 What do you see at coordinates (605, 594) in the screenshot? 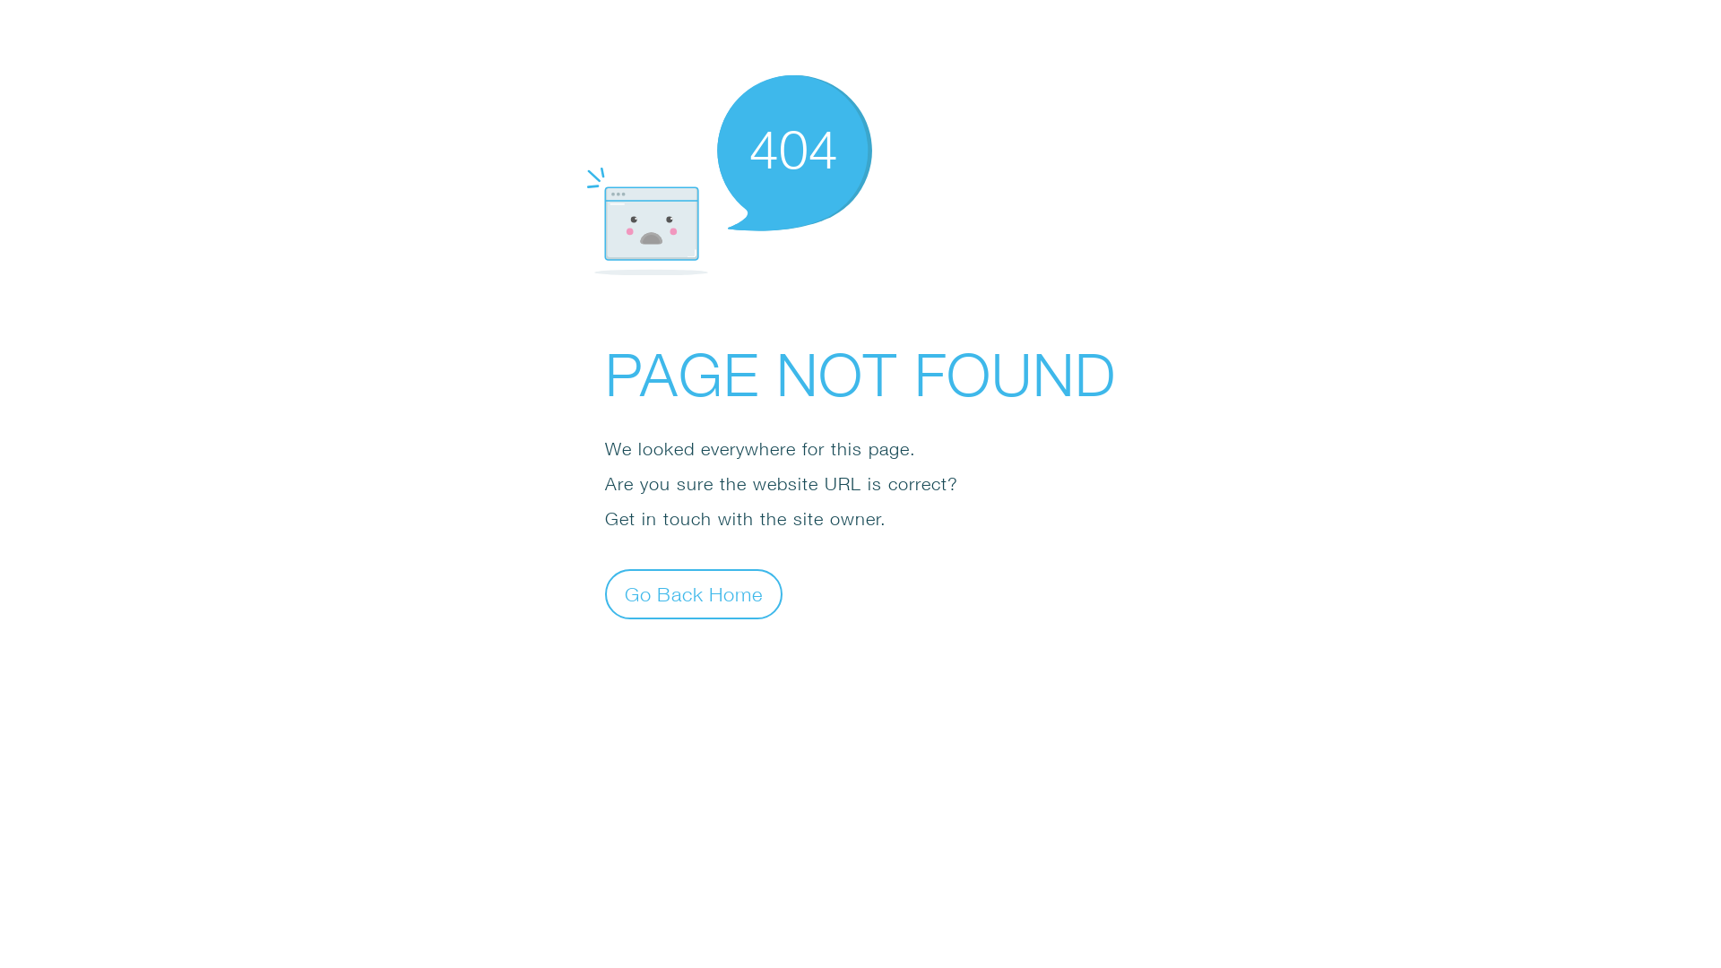
I see `'Go Back Home'` at bounding box center [605, 594].